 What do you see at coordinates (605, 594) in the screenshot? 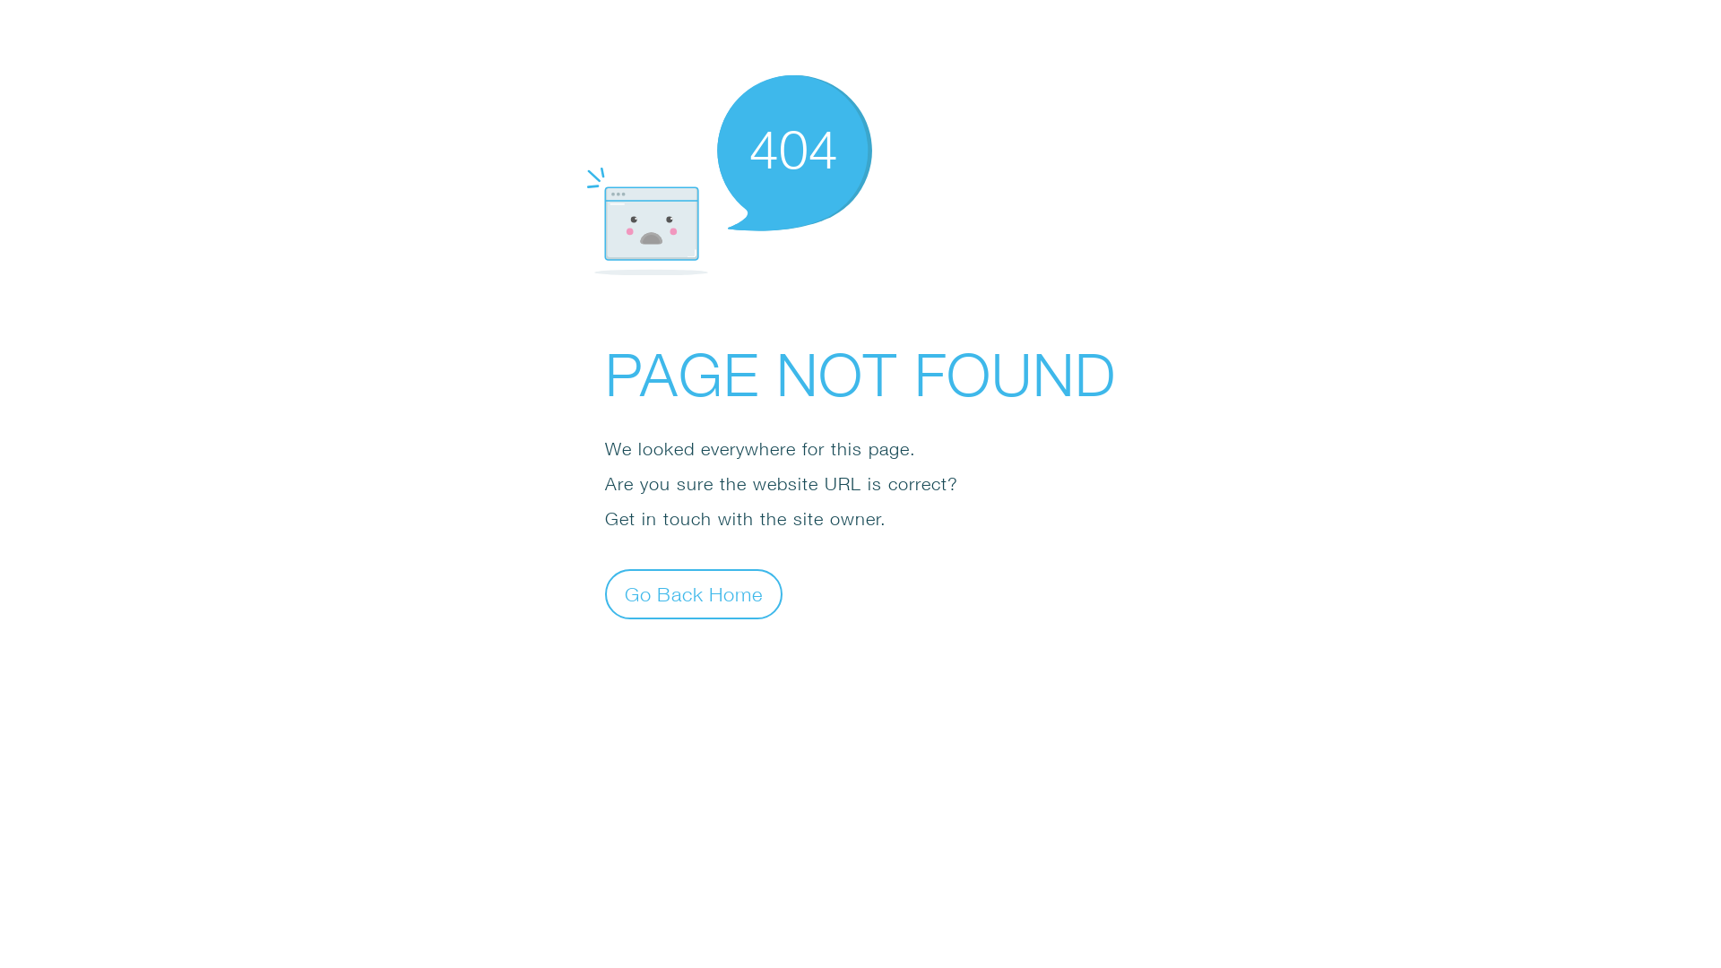
I see `'Go Back Home'` at bounding box center [605, 594].